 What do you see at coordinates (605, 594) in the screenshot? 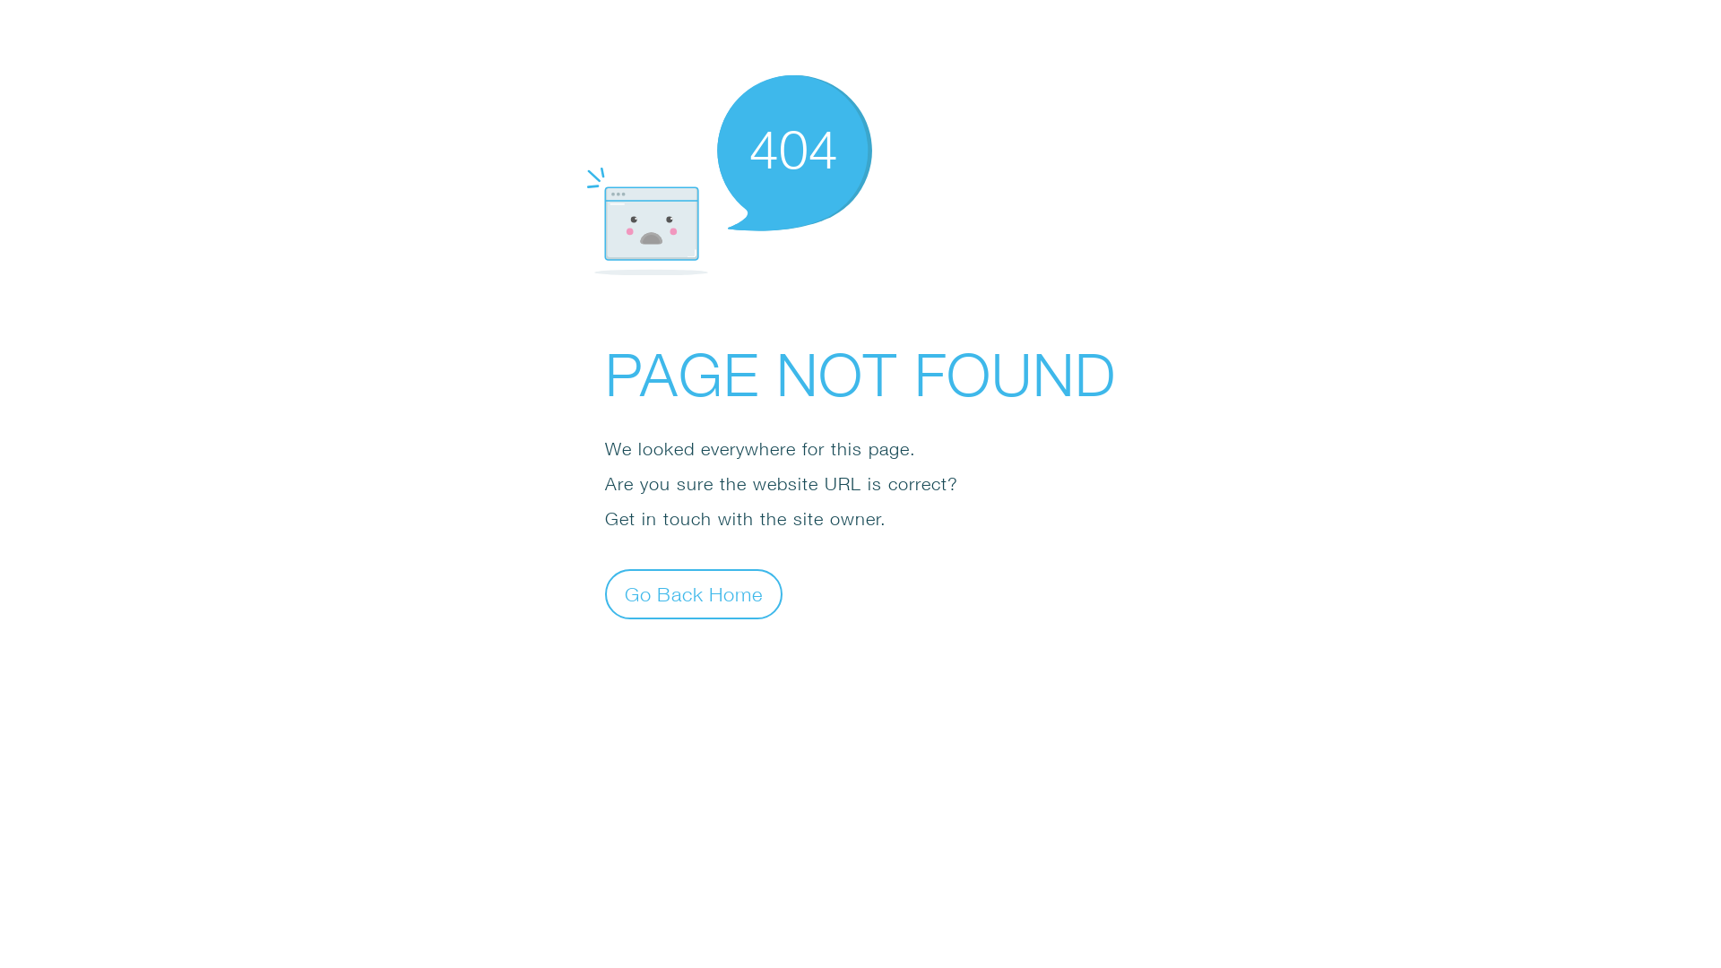
I see `'Go Back Home'` at bounding box center [605, 594].